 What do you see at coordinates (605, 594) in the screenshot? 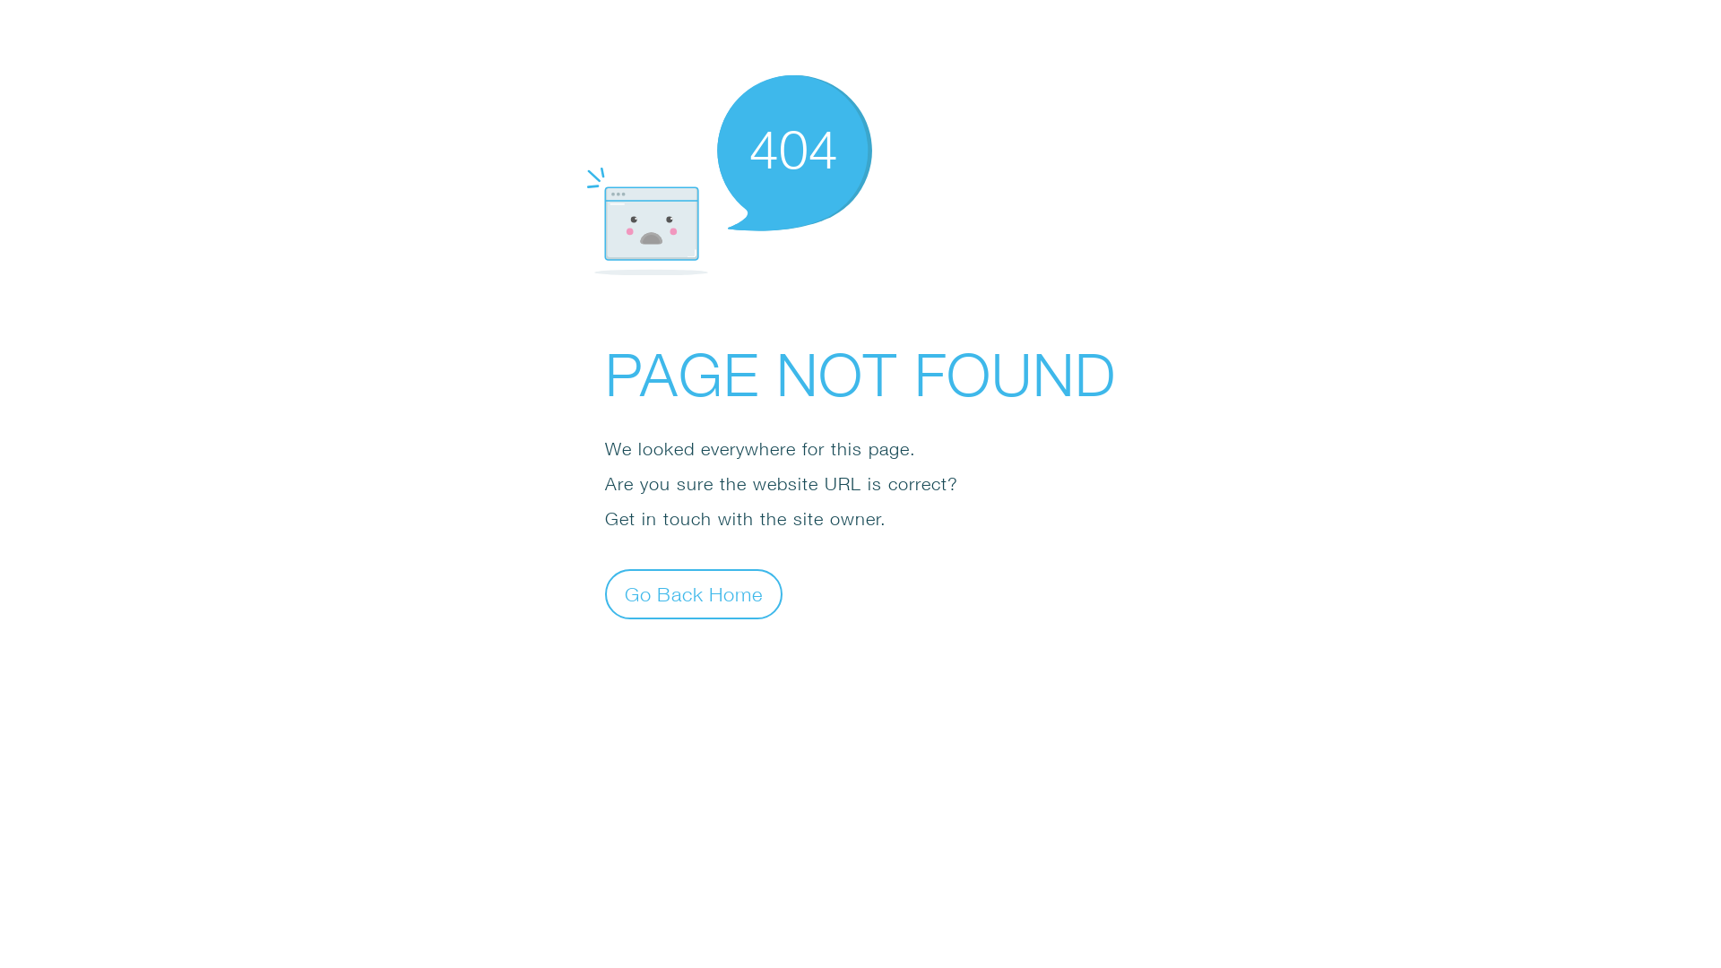
I see `'Go Back Home'` at bounding box center [605, 594].